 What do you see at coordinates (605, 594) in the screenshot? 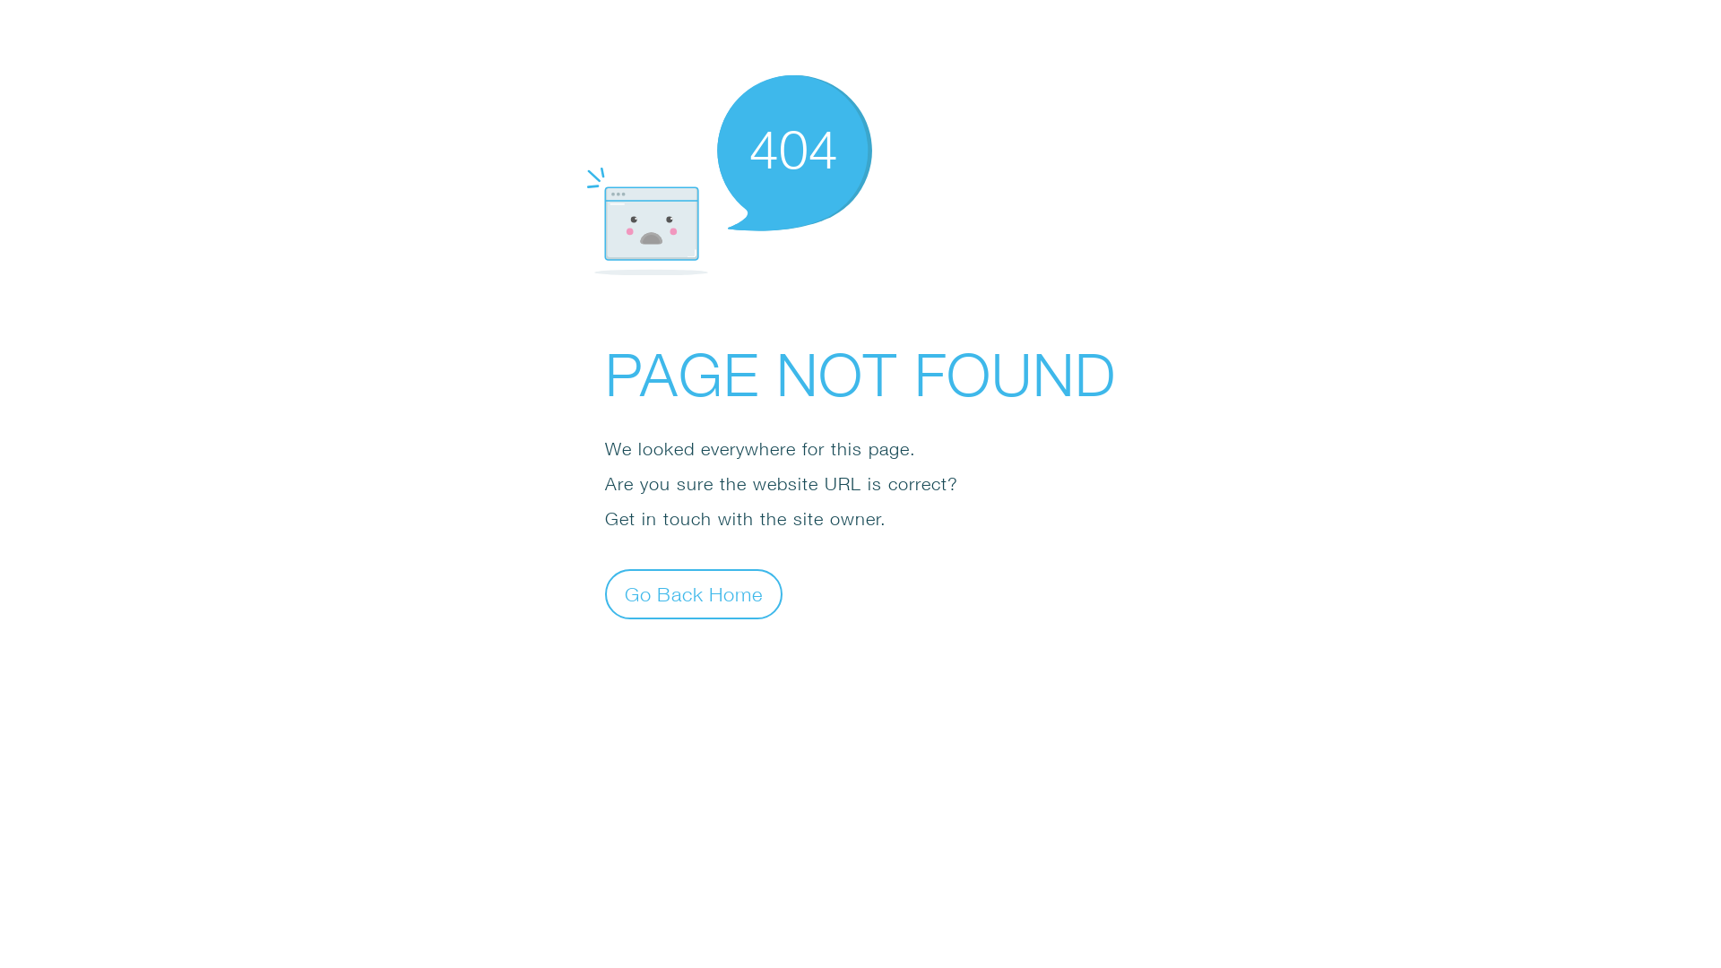
I see `'Go Back Home'` at bounding box center [605, 594].